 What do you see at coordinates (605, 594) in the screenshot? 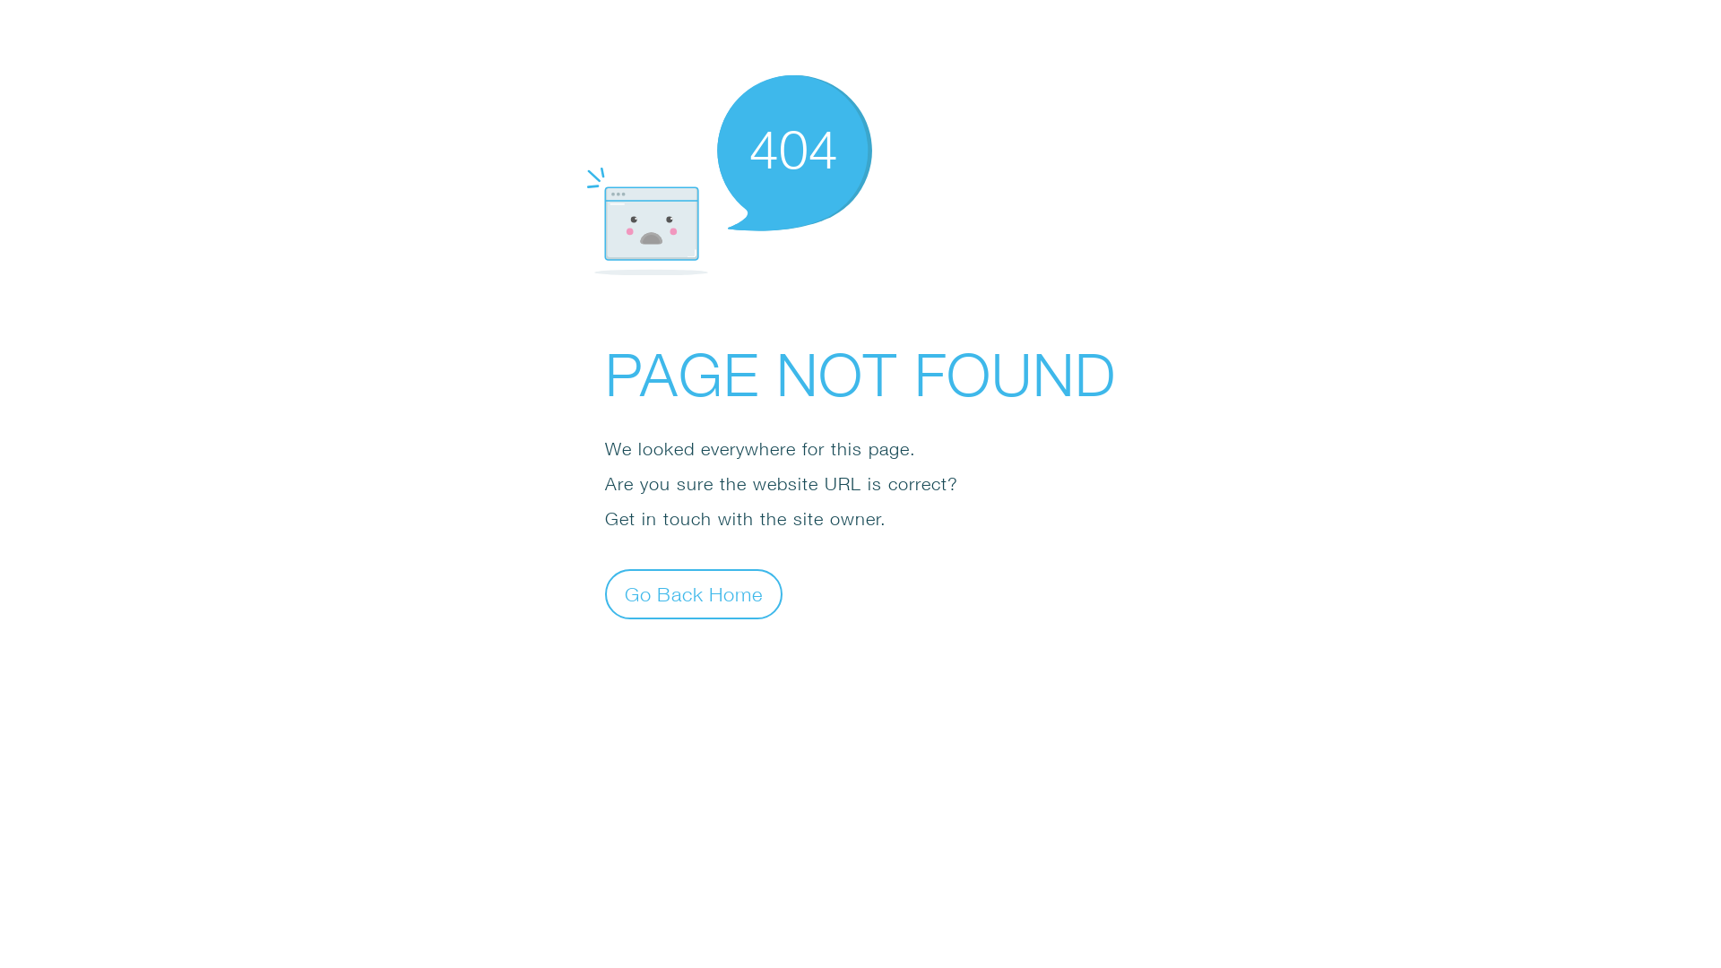
I see `'Go Back Home'` at bounding box center [605, 594].